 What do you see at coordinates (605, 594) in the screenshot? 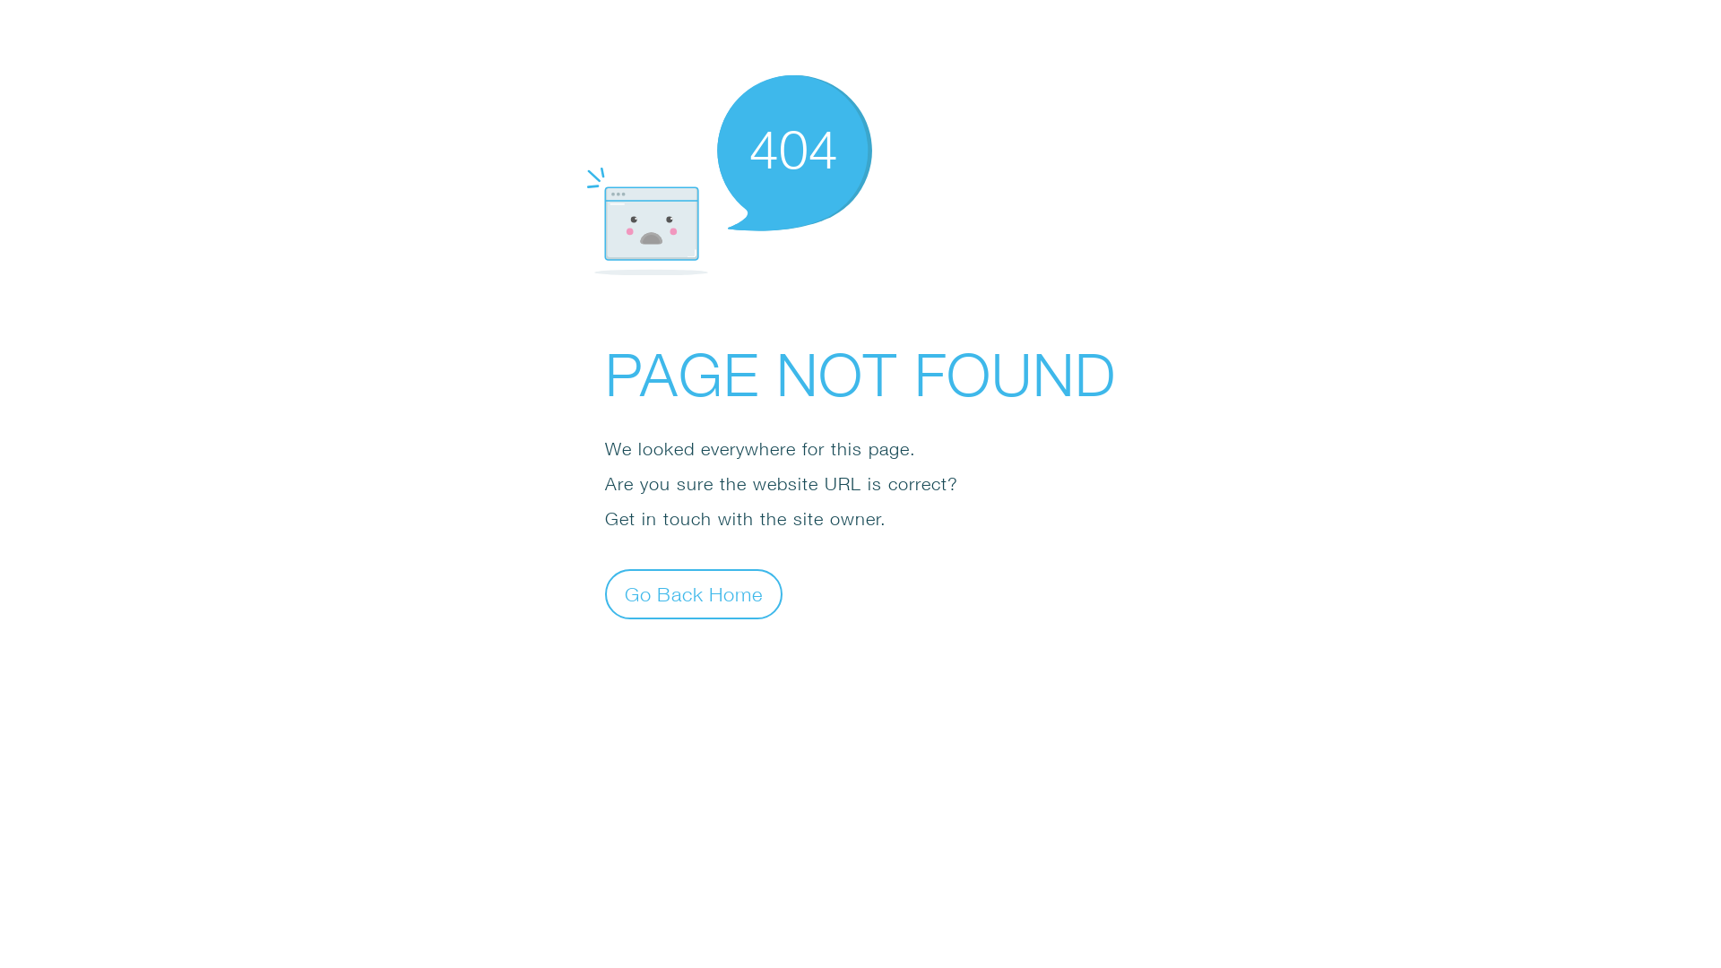
I see `'Go Back Home'` at bounding box center [605, 594].